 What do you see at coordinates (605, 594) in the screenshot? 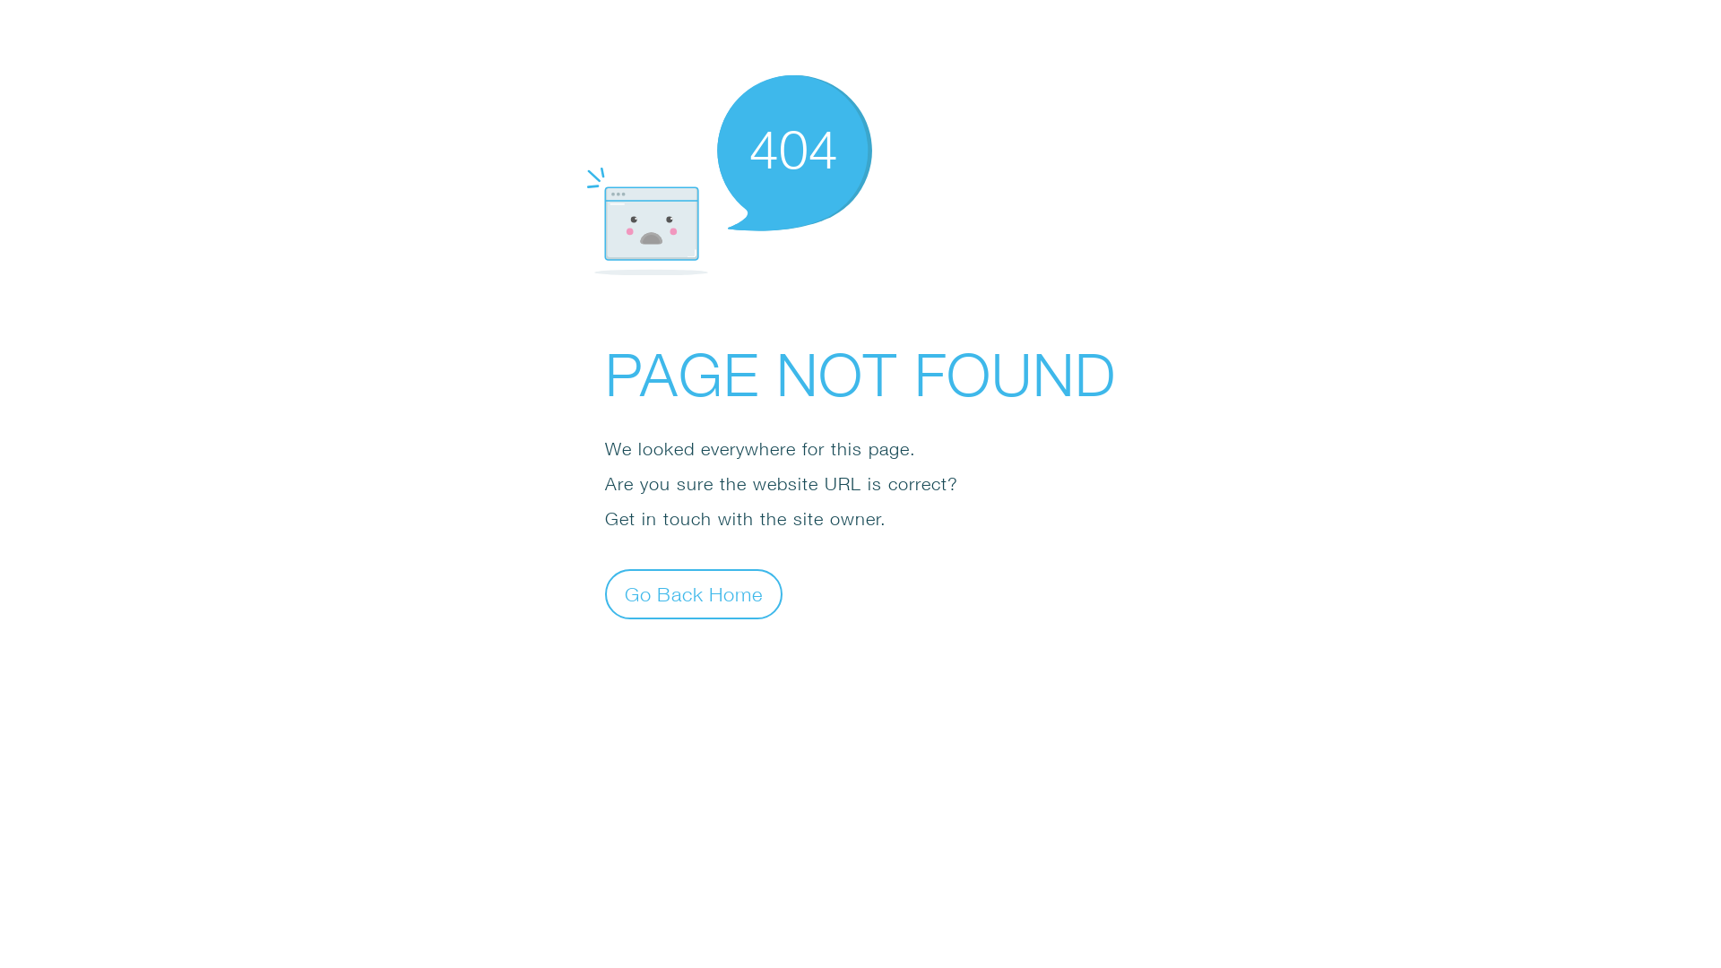
I see `'Go Back Home'` at bounding box center [605, 594].